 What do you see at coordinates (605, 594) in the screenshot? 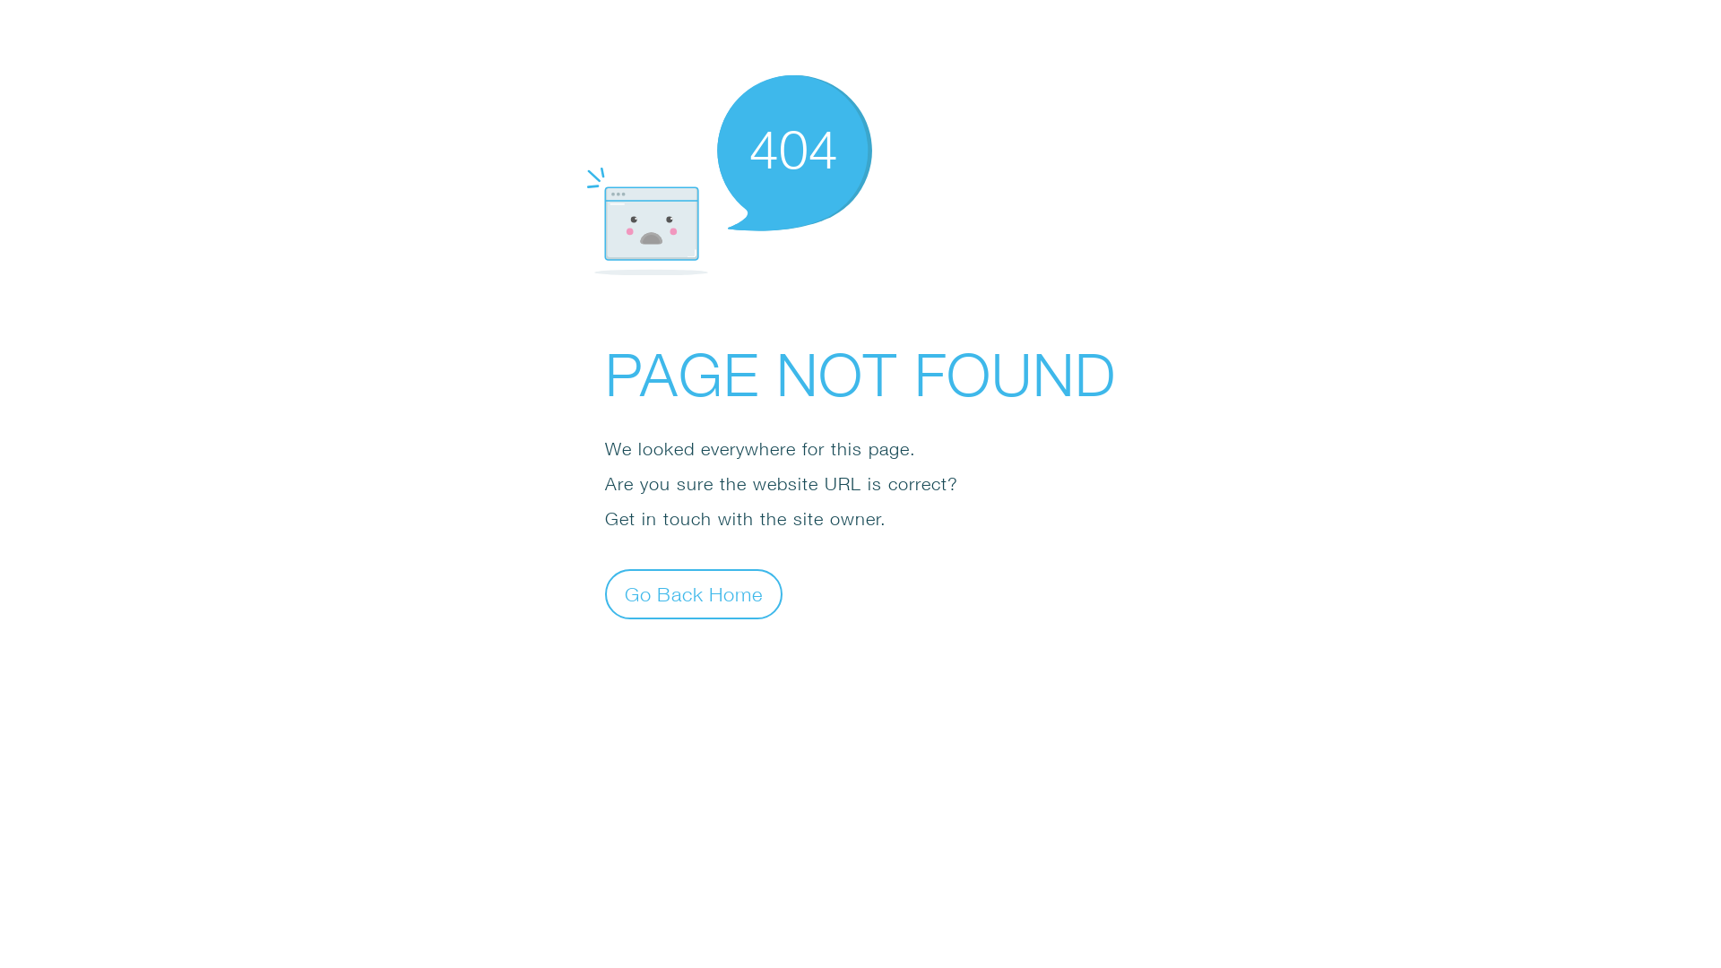
I see `'Go Back Home'` at bounding box center [605, 594].